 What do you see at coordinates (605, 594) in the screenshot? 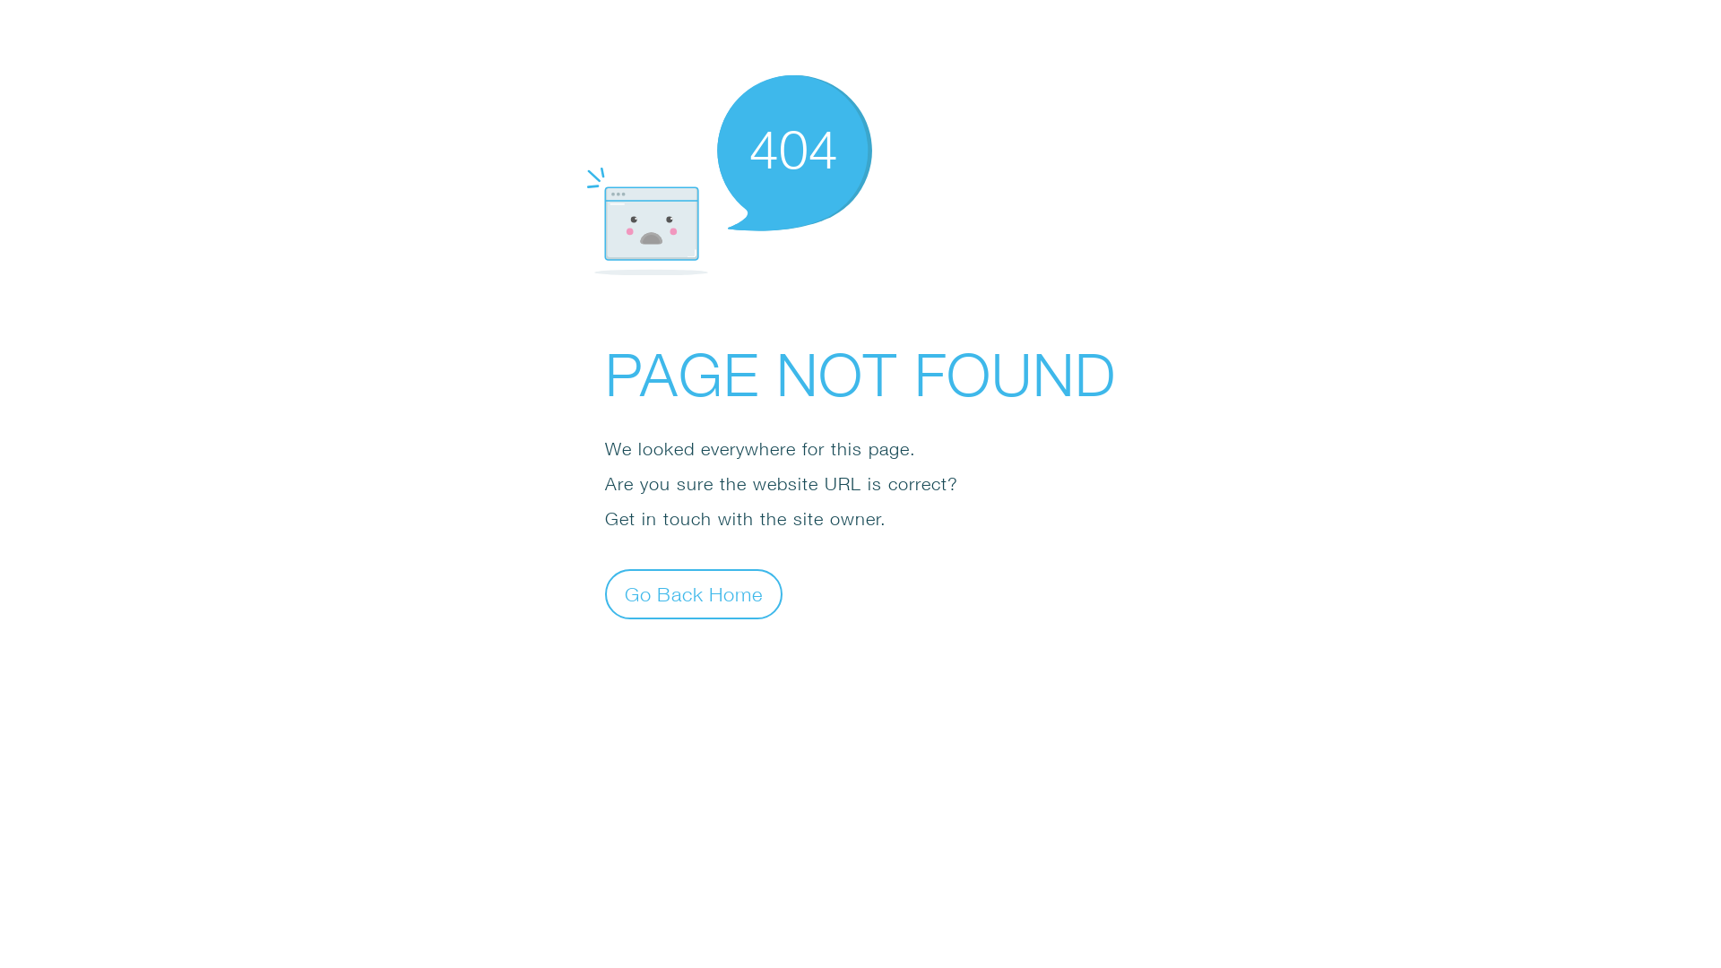
I see `'Go Back Home'` at bounding box center [605, 594].